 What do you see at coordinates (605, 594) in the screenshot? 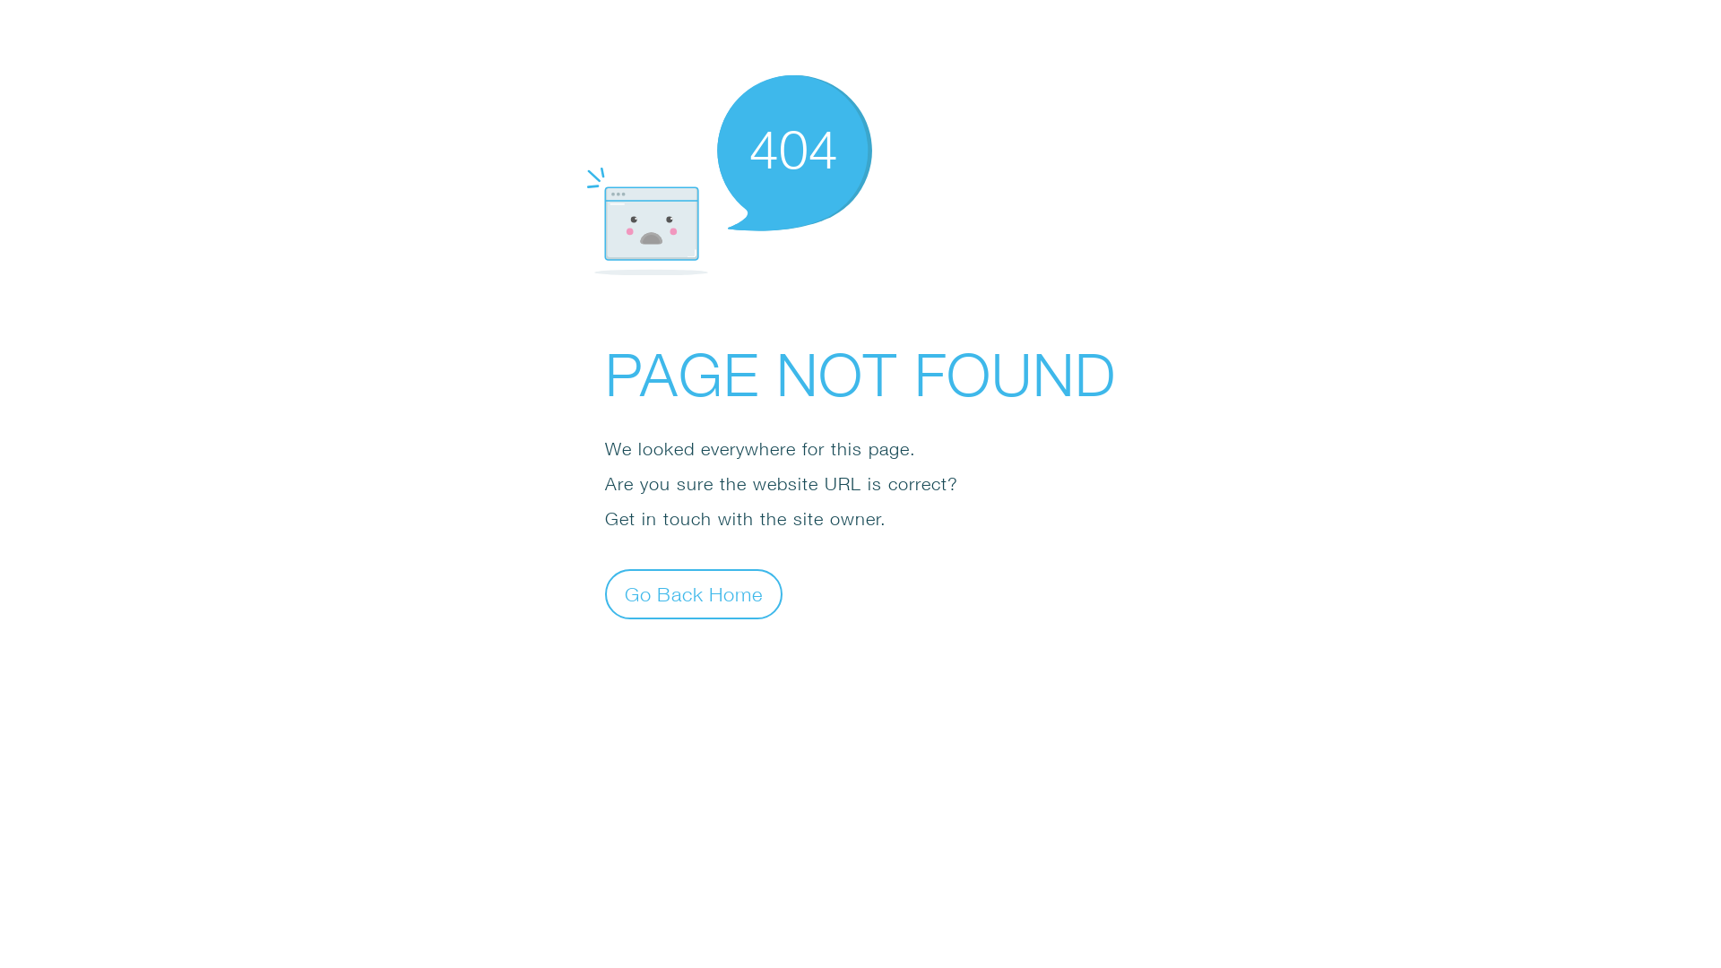
I see `'Go Back Home'` at bounding box center [605, 594].